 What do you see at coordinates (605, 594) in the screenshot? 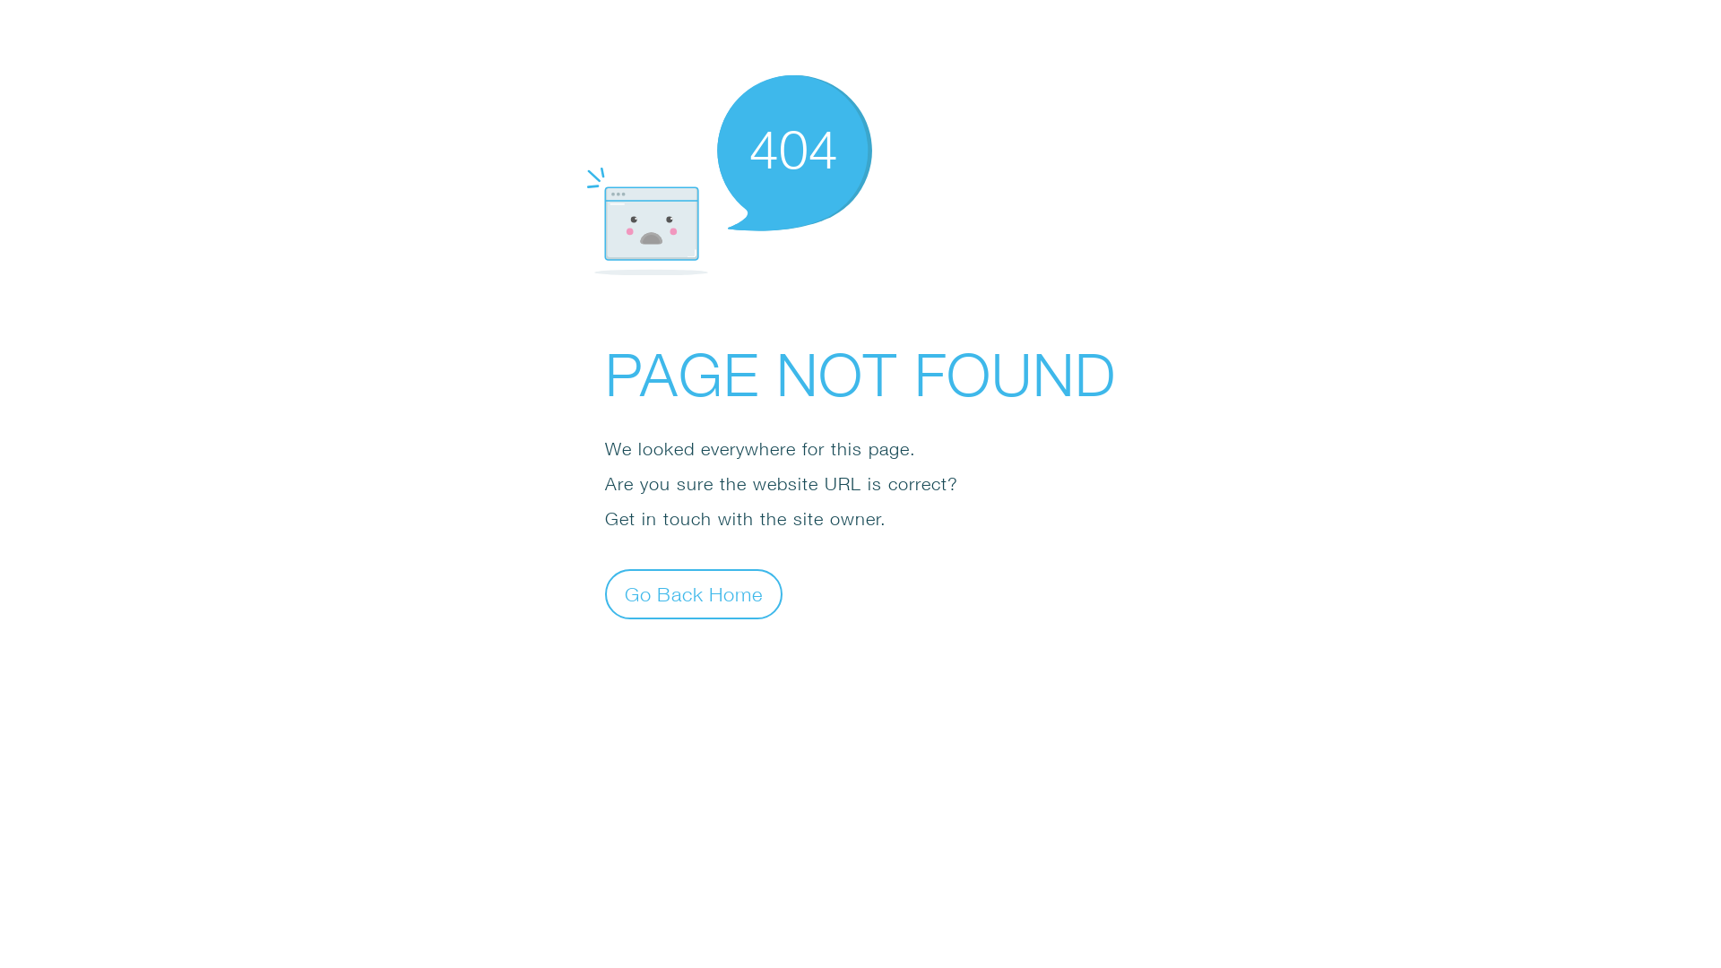
I see `'Go Back Home'` at bounding box center [605, 594].